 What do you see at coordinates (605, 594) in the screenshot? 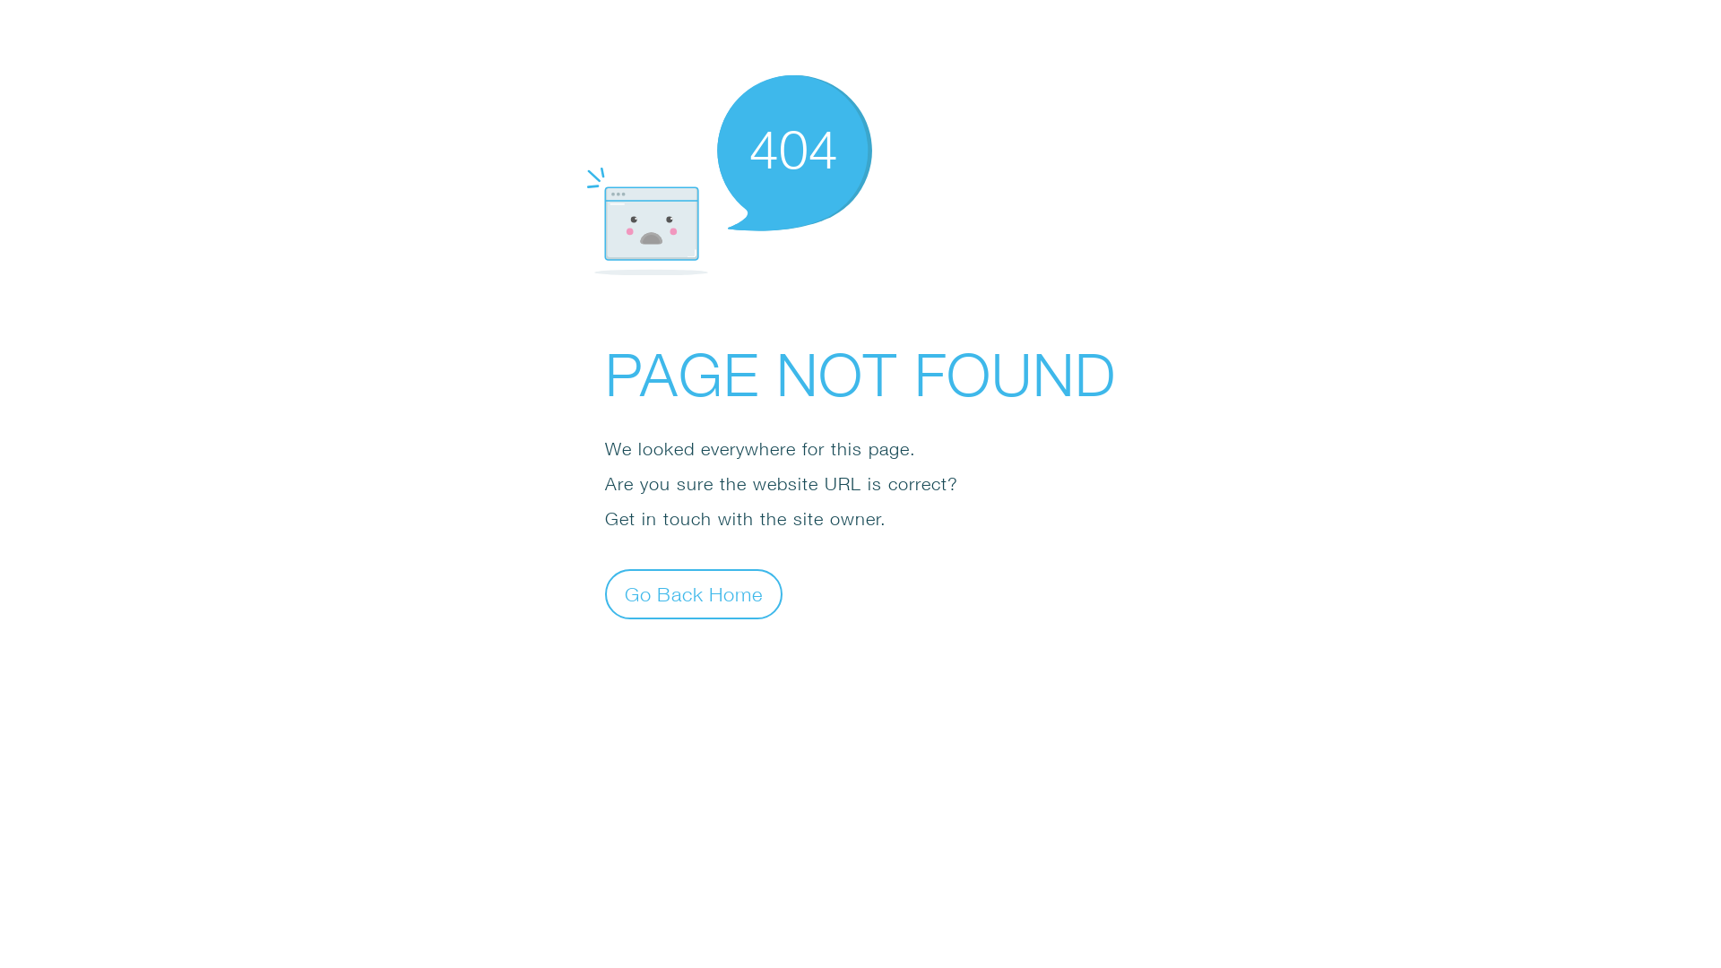
I see `'Go Back Home'` at bounding box center [605, 594].